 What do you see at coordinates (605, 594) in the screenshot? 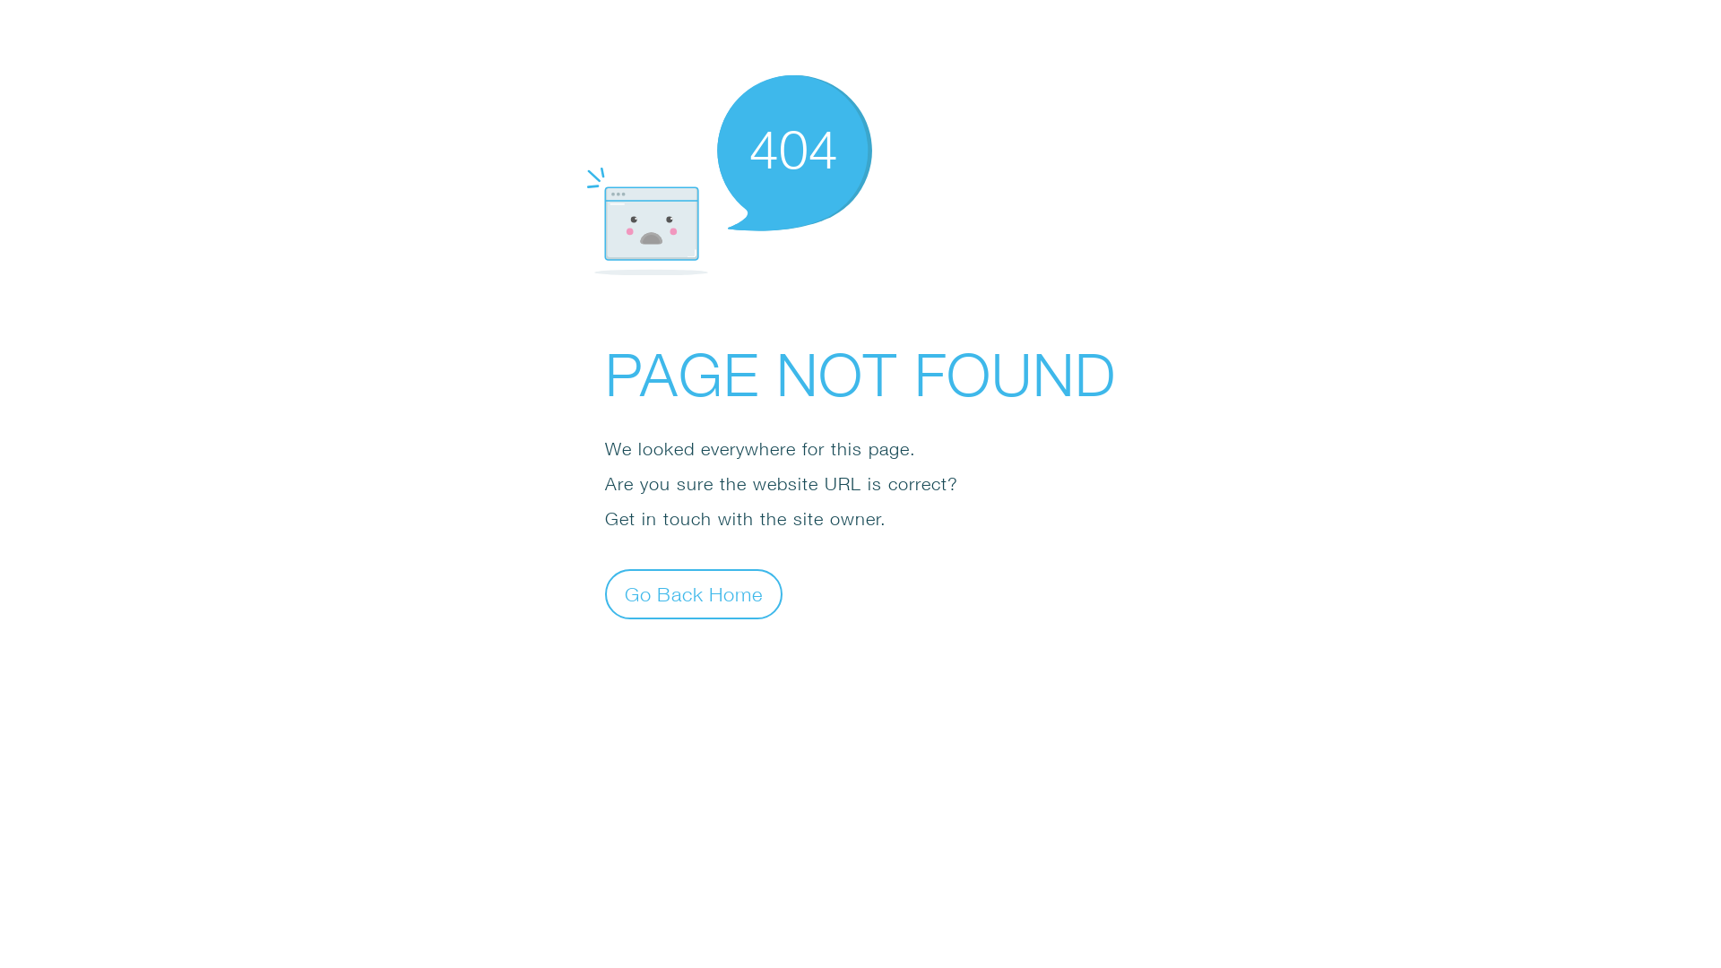
I see `'Go Back Home'` at bounding box center [605, 594].